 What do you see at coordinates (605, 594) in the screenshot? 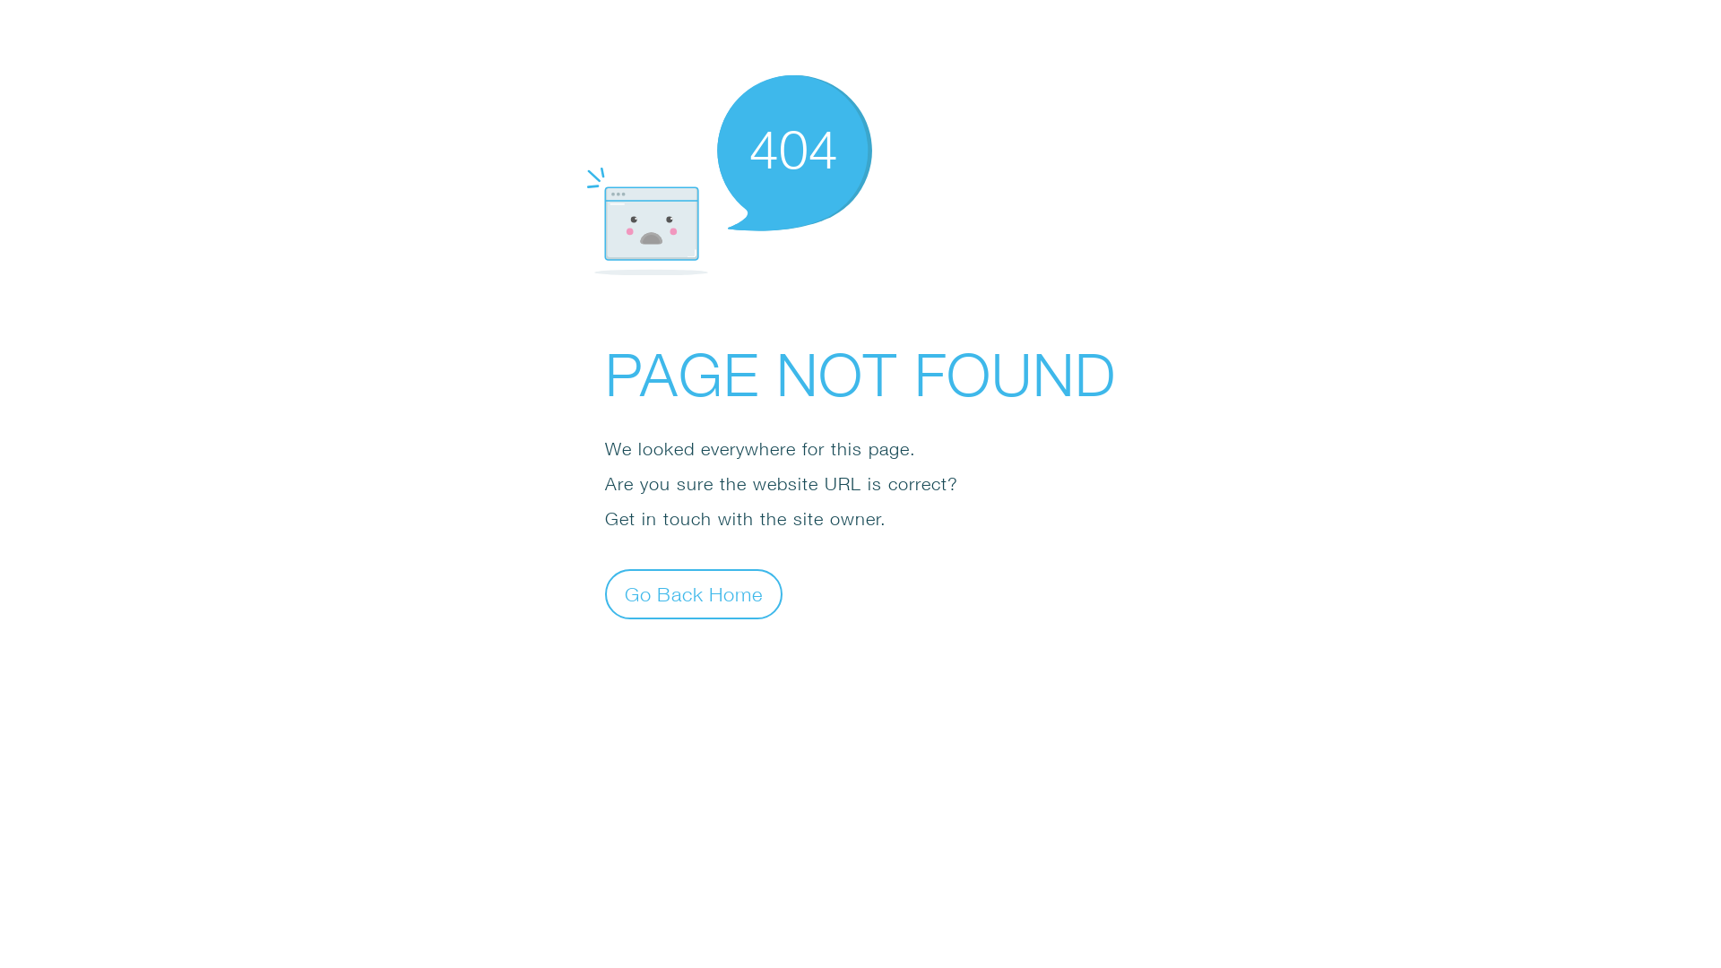
I see `'Go Back Home'` at bounding box center [605, 594].